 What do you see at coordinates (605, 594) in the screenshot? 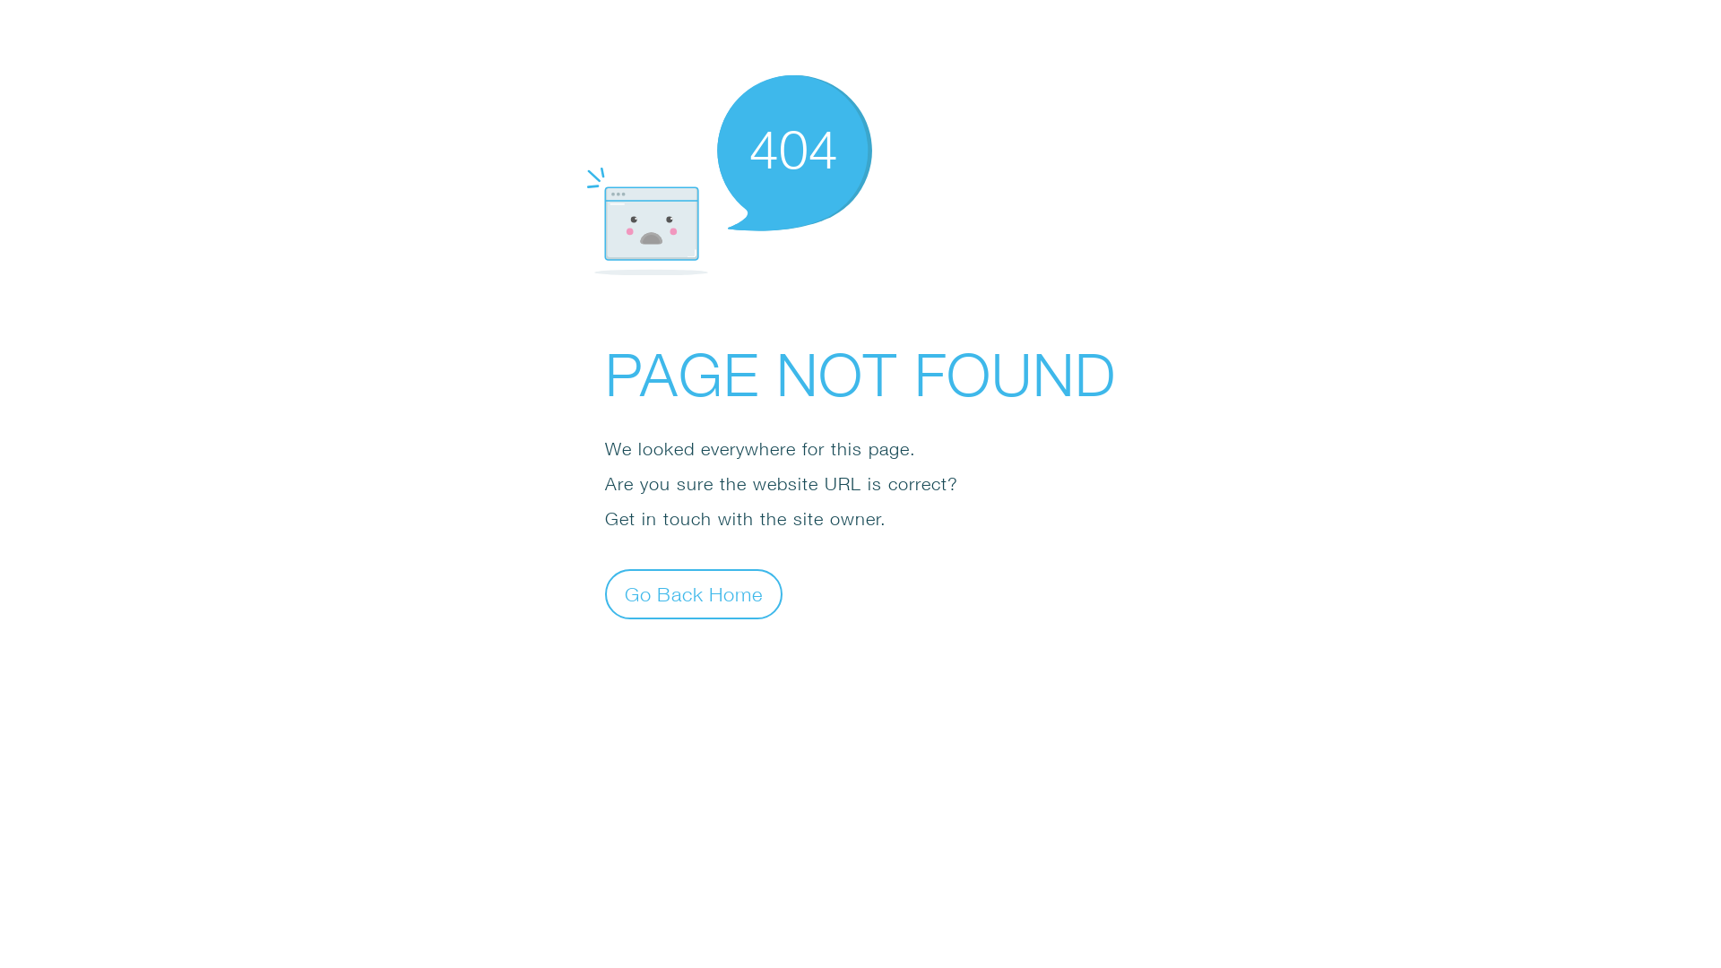
I see `'Go Back Home'` at bounding box center [605, 594].